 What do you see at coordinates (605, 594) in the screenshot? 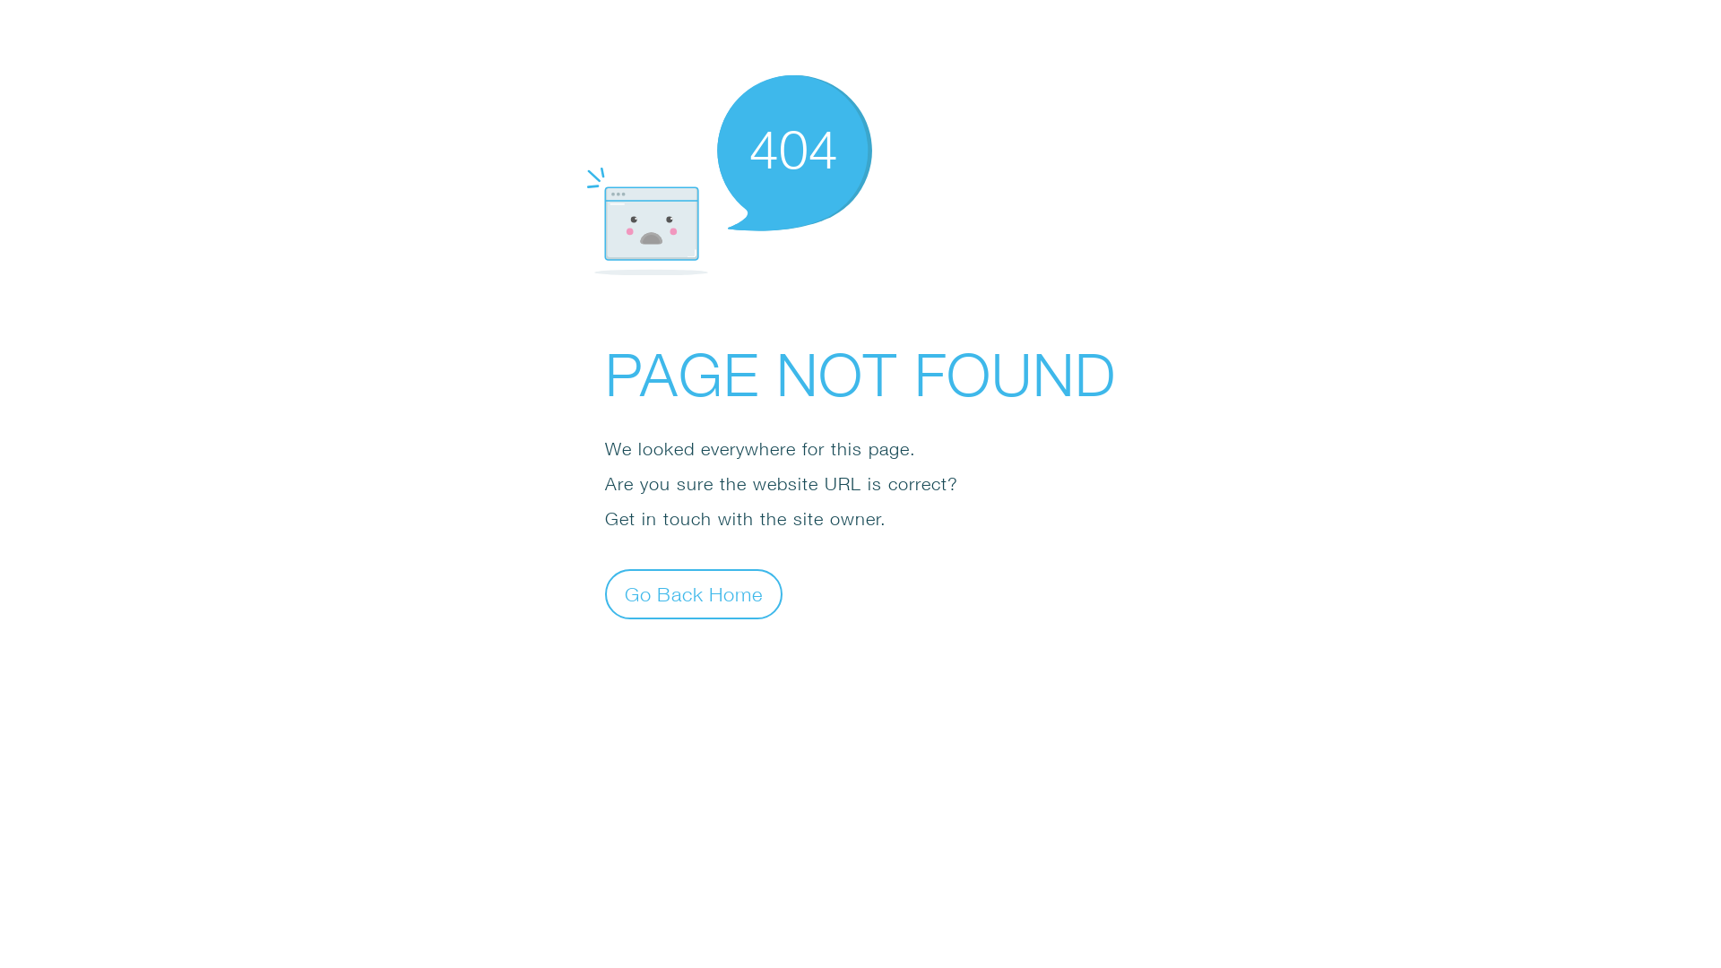
I see `'Go Back Home'` at bounding box center [605, 594].